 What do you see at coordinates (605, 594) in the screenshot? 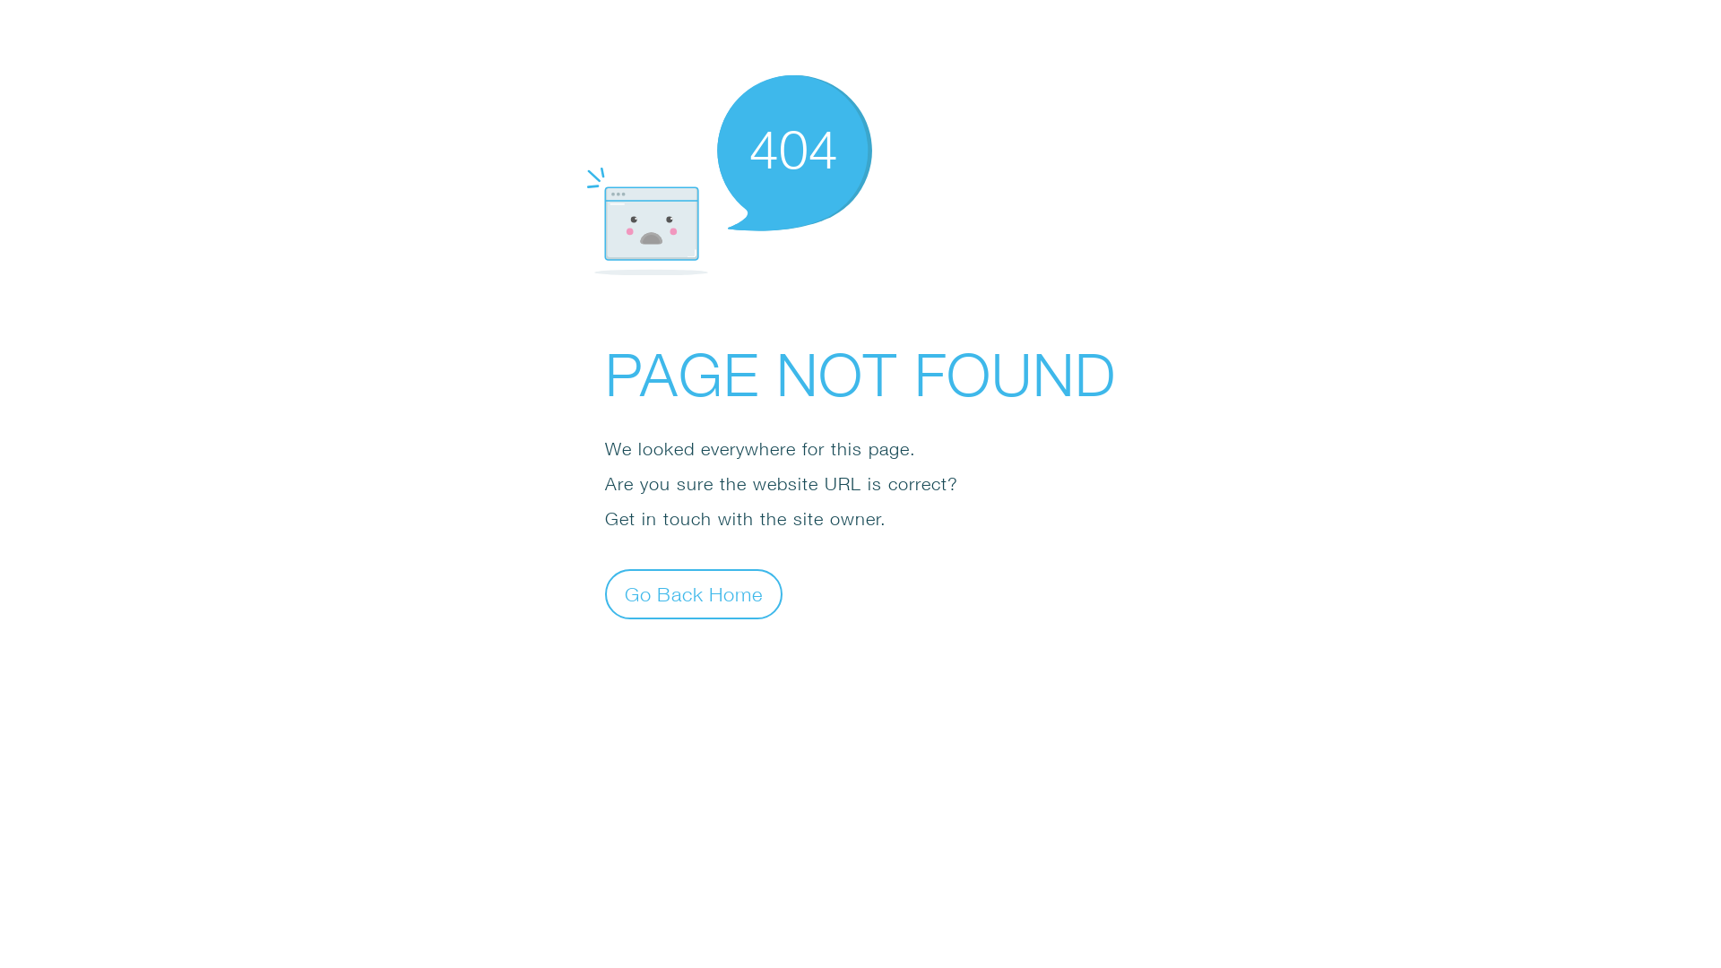
I see `'Go Back Home'` at bounding box center [605, 594].